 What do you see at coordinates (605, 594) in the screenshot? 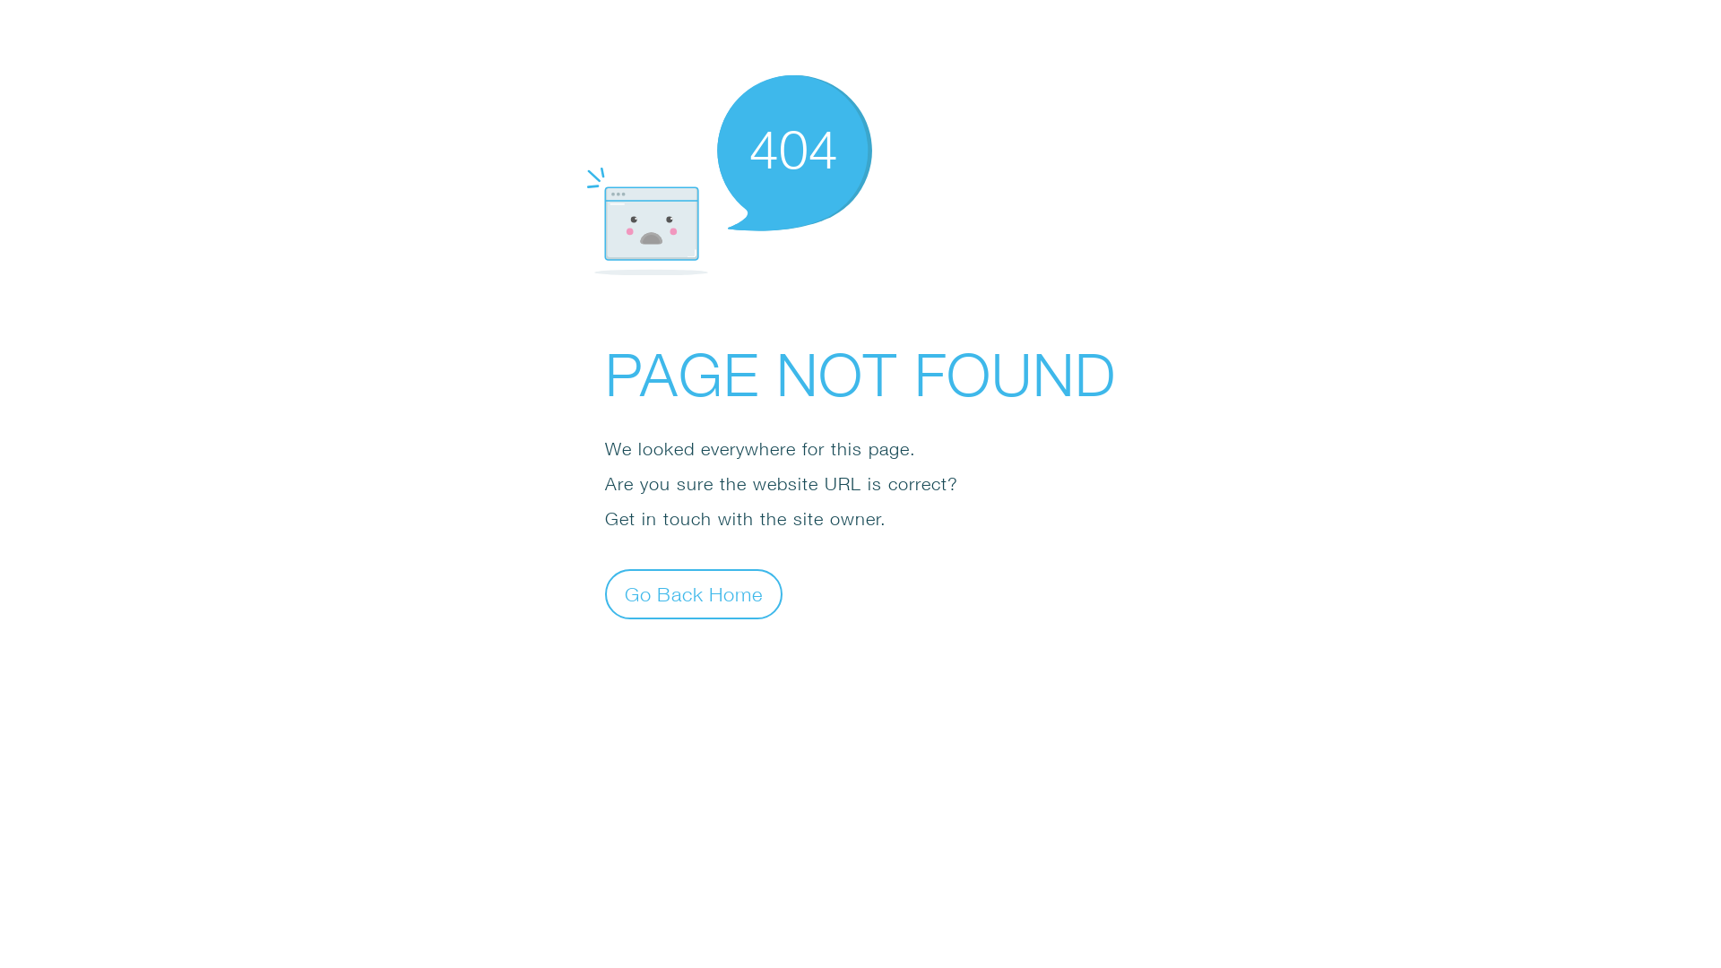
I see `'Go Back Home'` at bounding box center [605, 594].